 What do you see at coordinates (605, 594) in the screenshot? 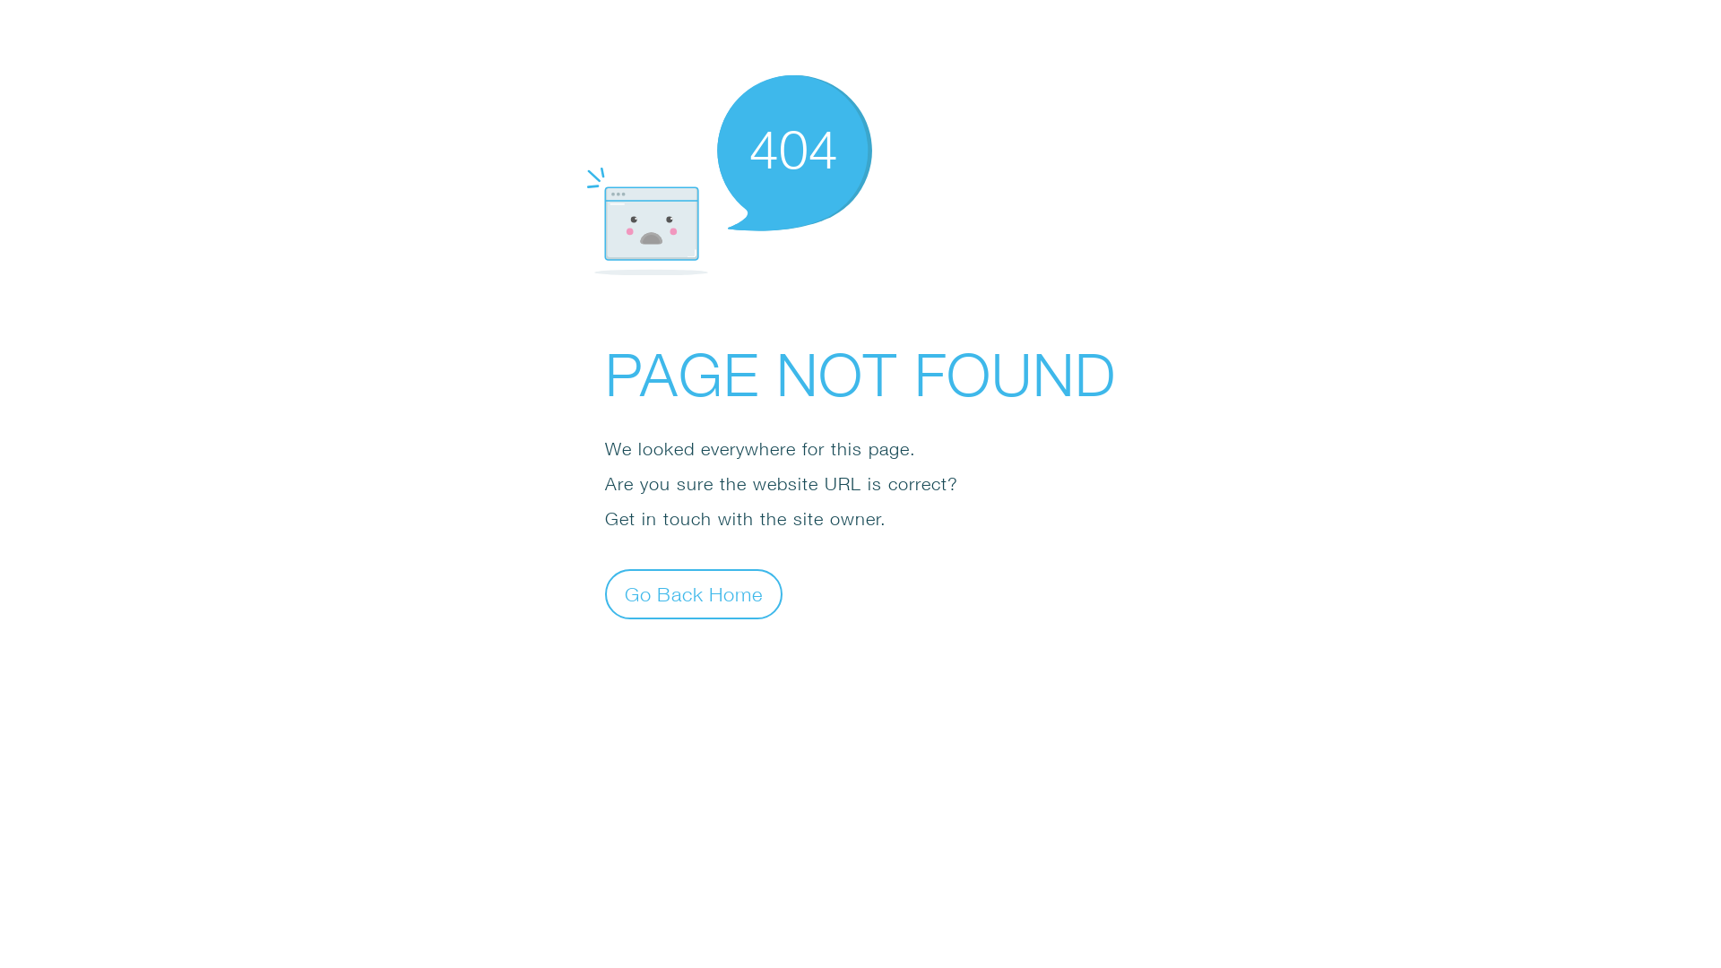
I see `'Go Back Home'` at bounding box center [605, 594].